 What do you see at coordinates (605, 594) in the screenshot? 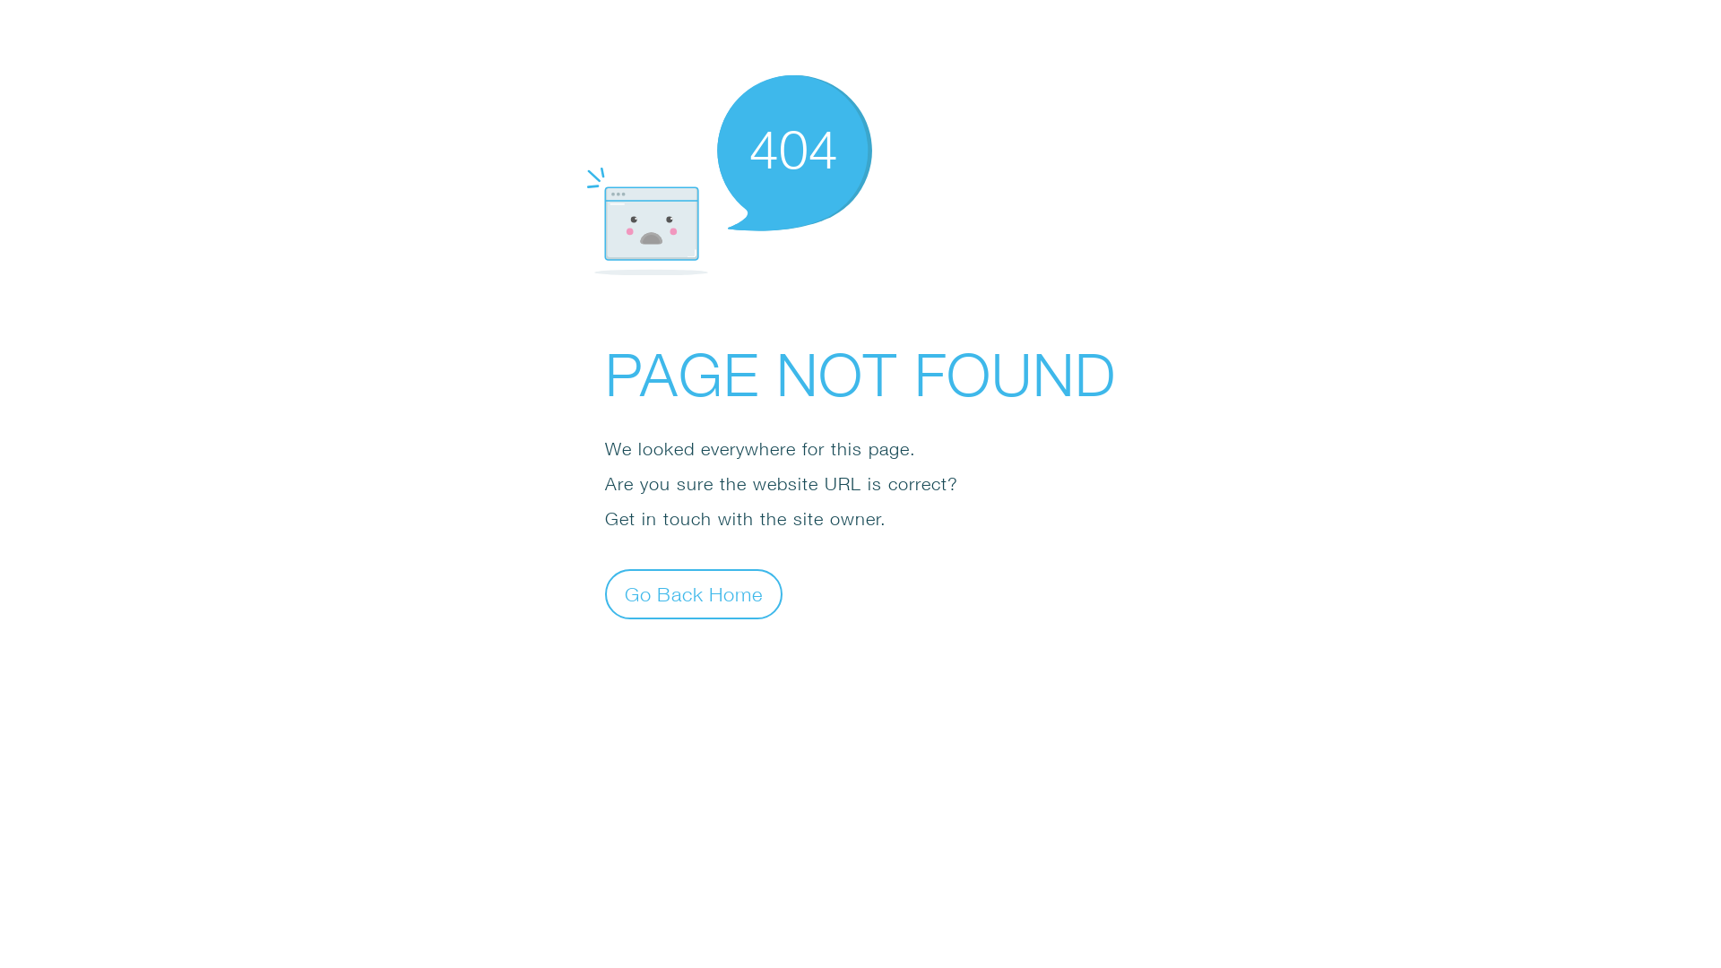
I see `'Go Back Home'` at bounding box center [605, 594].